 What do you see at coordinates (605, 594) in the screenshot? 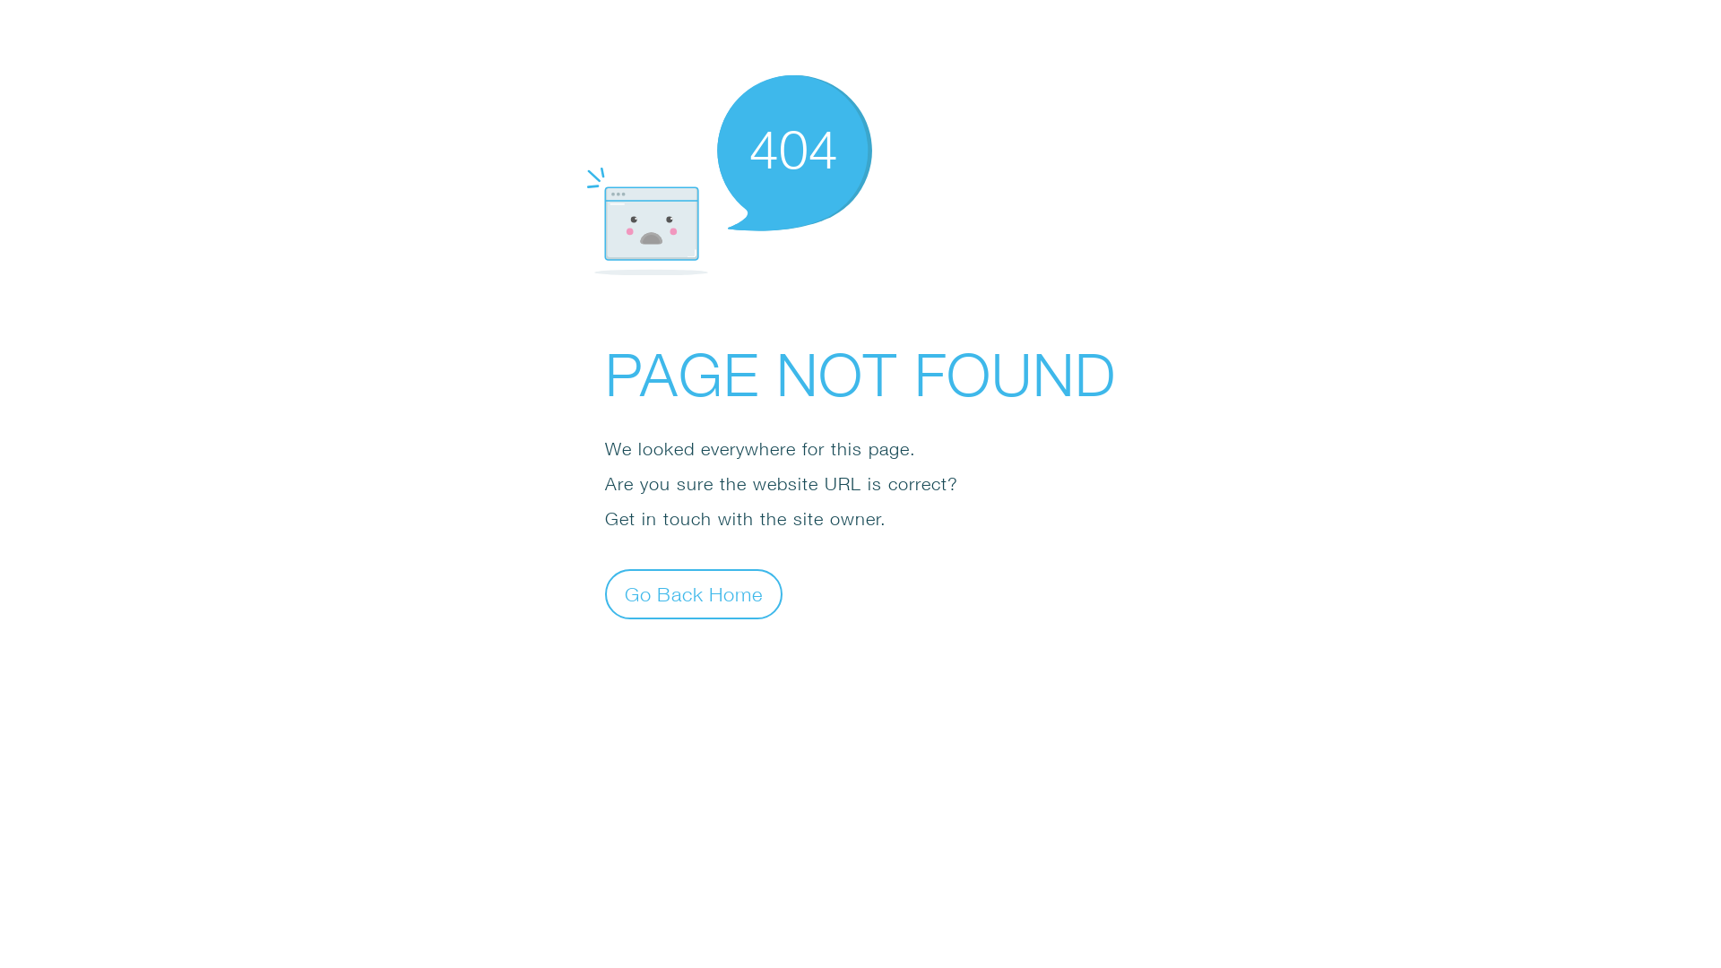
I see `'Go Back Home'` at bounding box center [605, 594].